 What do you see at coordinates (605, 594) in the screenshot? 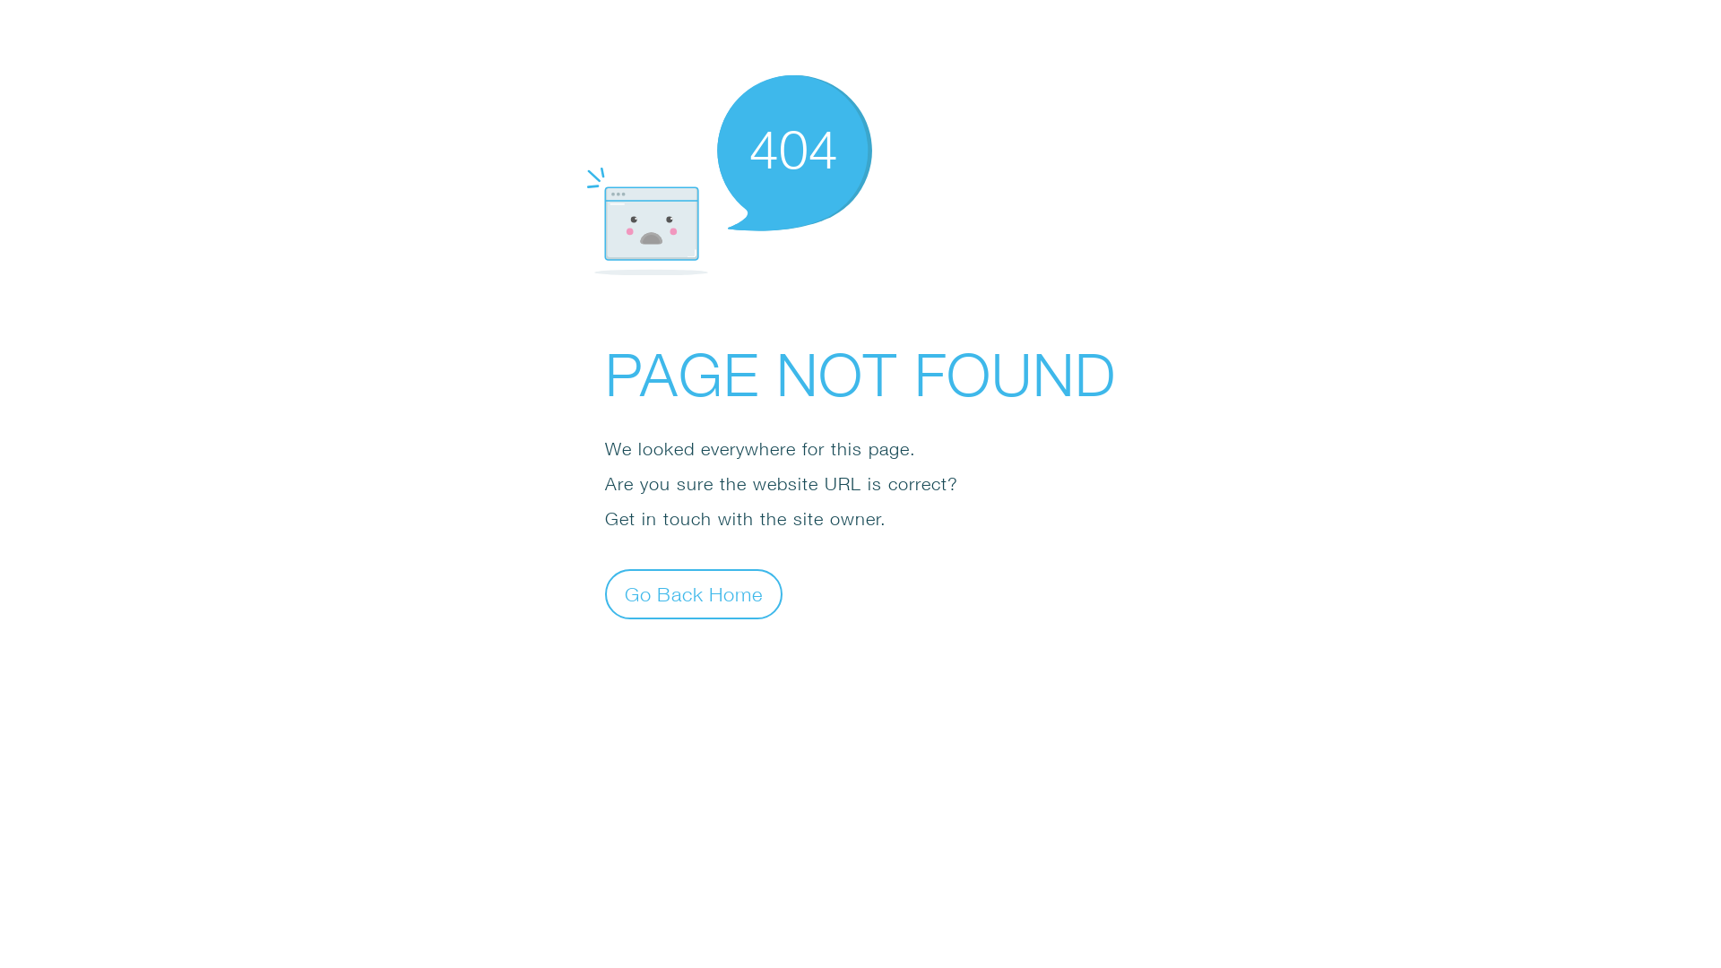
I see `'Go Back Home'` at bounding box center [605, 594].